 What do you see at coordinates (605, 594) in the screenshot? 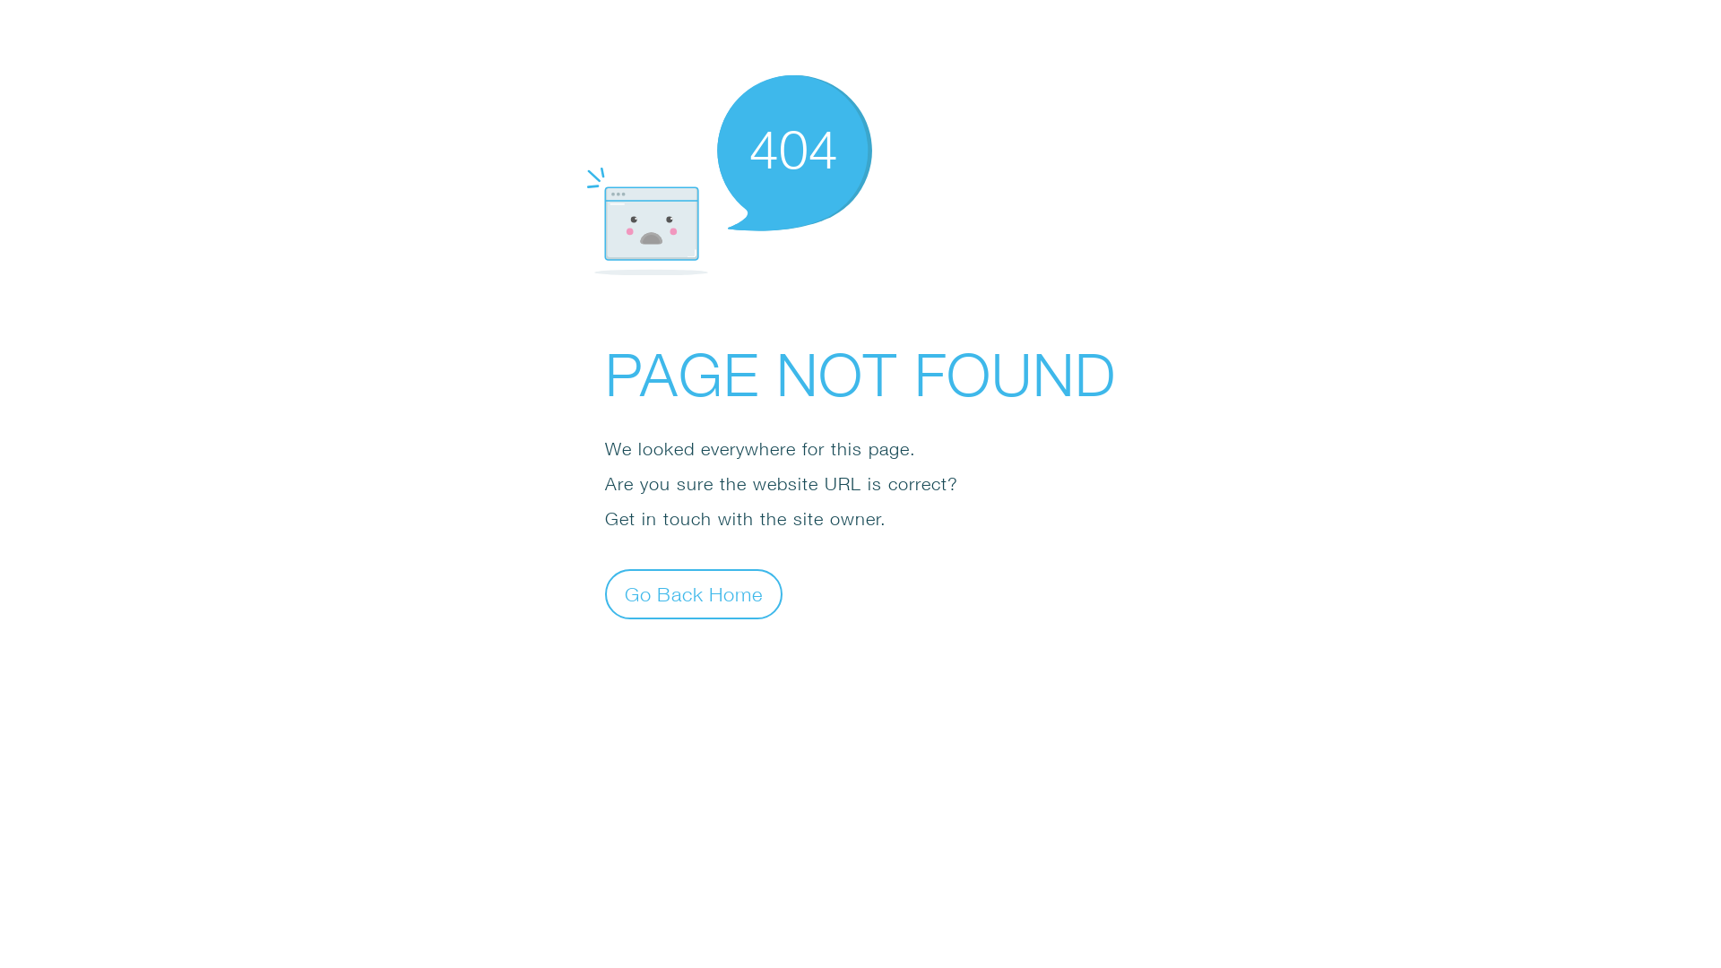
I see `'Go Back Home'` at bounding box center [605, 594].